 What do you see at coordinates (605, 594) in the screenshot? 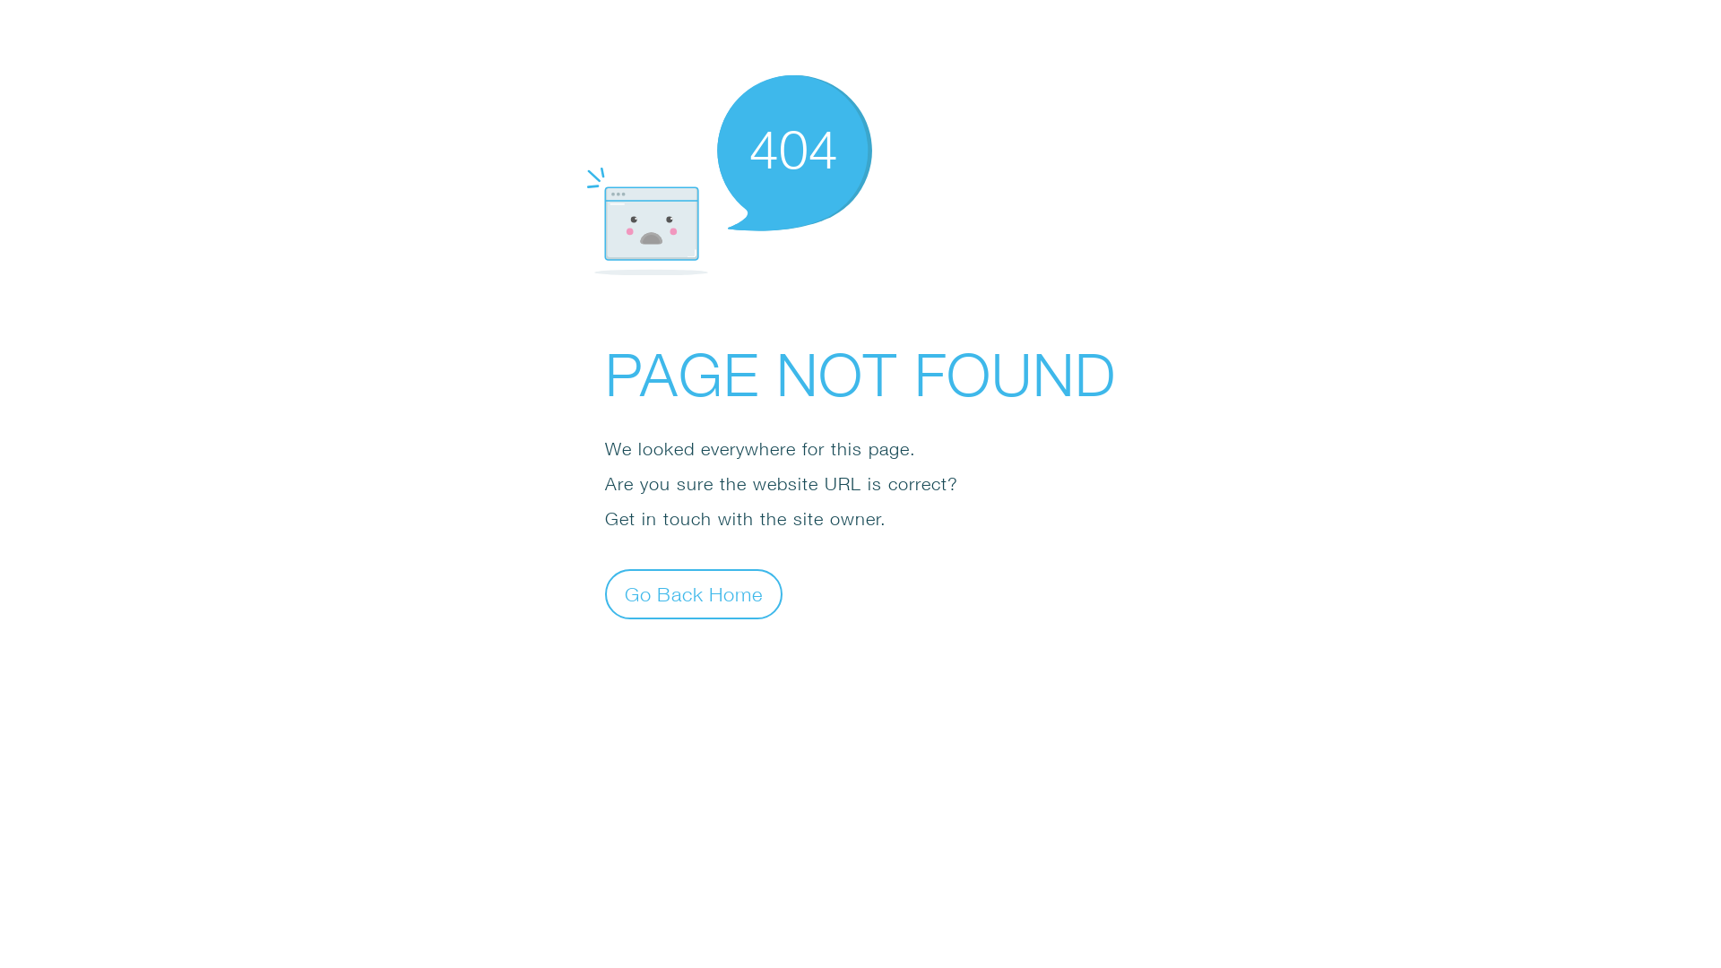
I see `'Go Back Home'` at bounding box center [605, 594].